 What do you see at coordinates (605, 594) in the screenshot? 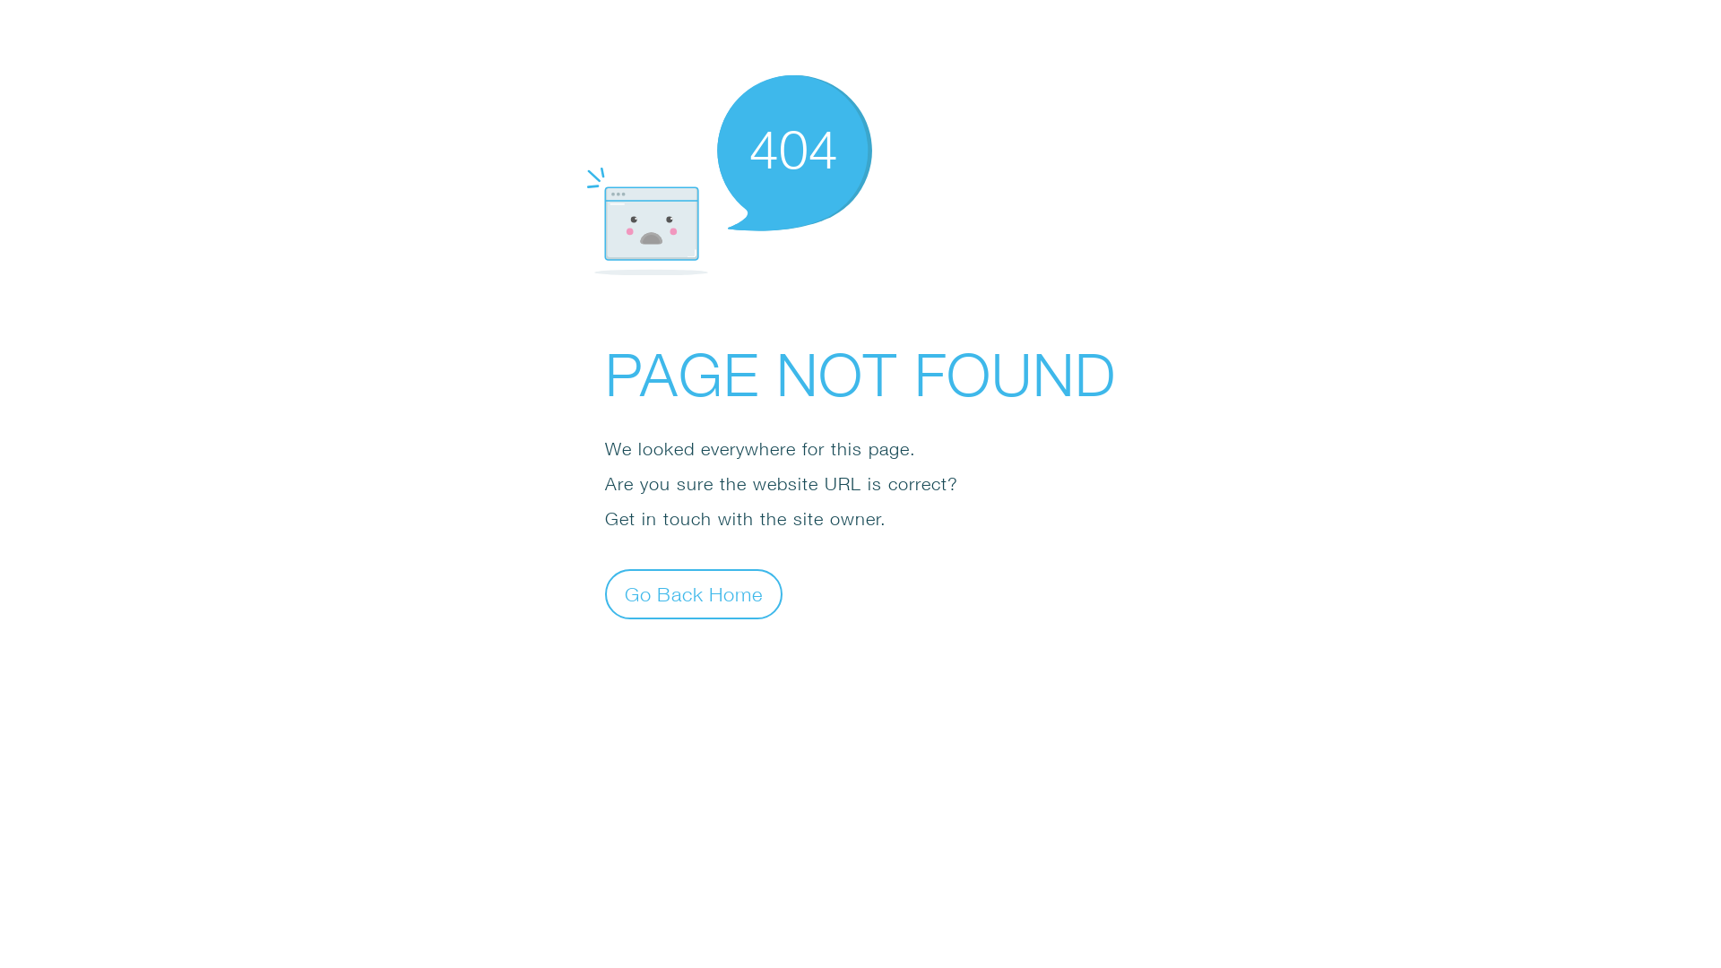
I see `'Go Back Home'` at bounding box center [605, 594].